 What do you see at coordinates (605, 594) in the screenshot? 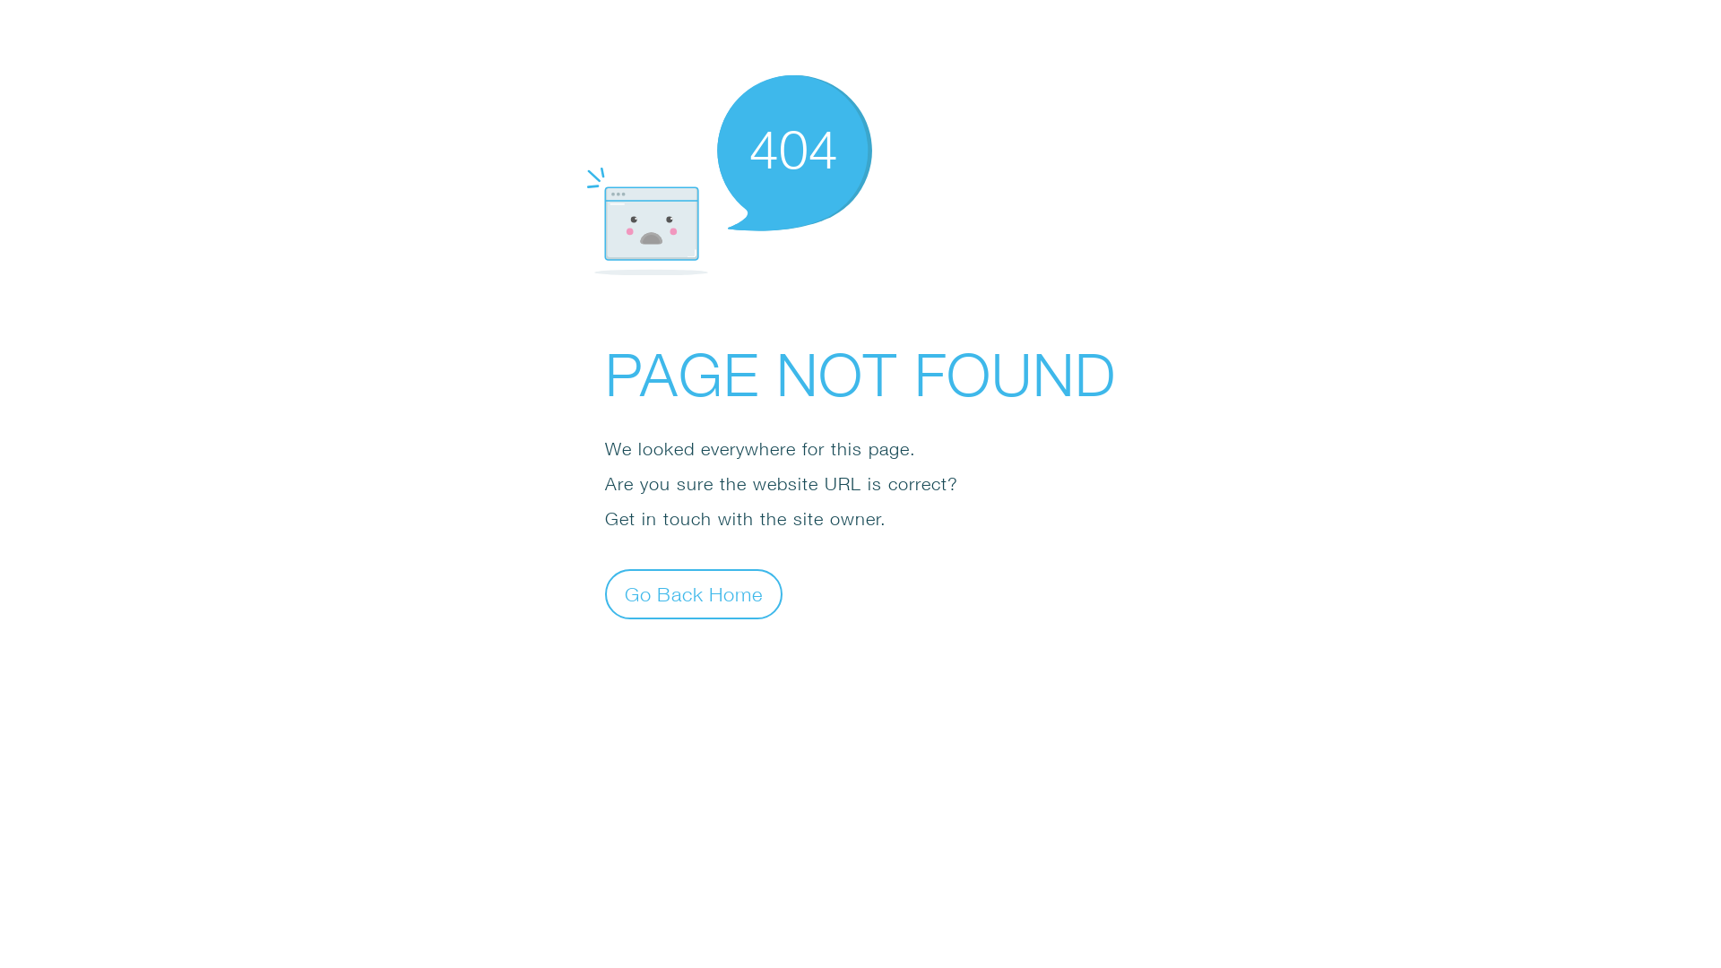
I see `'Go Back Home'` at bounding box center [605, 594].